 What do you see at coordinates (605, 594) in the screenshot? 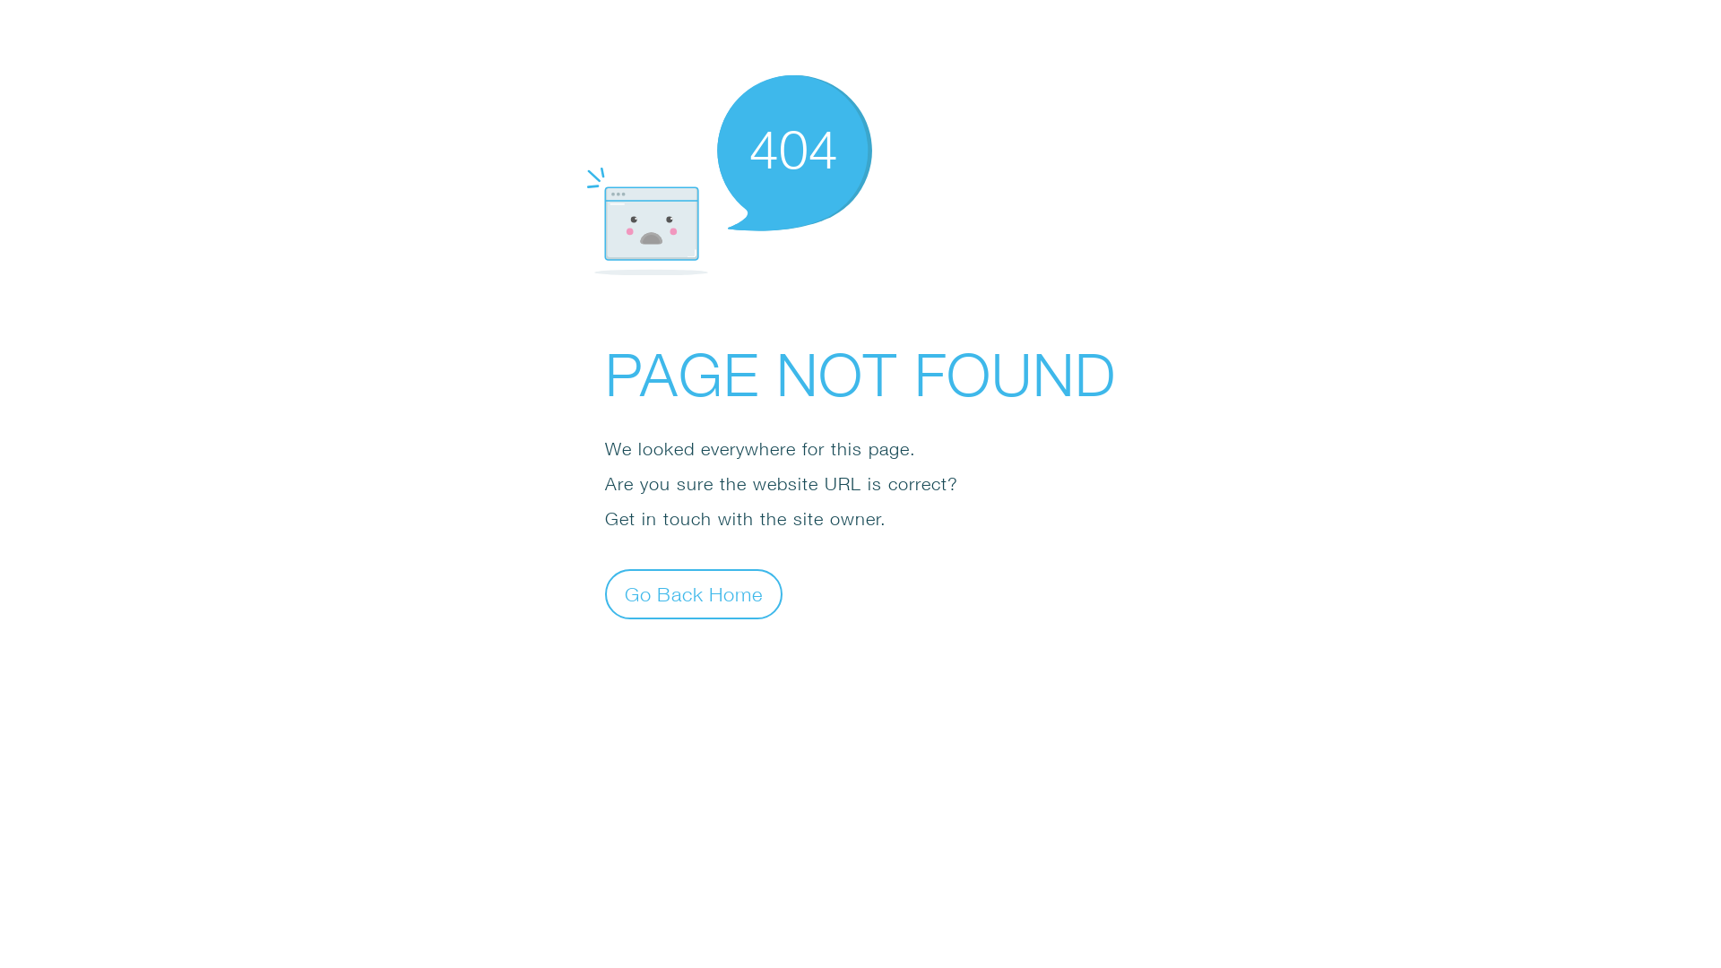
I see `'Go Back Home'` at bounding box center [605, 594].